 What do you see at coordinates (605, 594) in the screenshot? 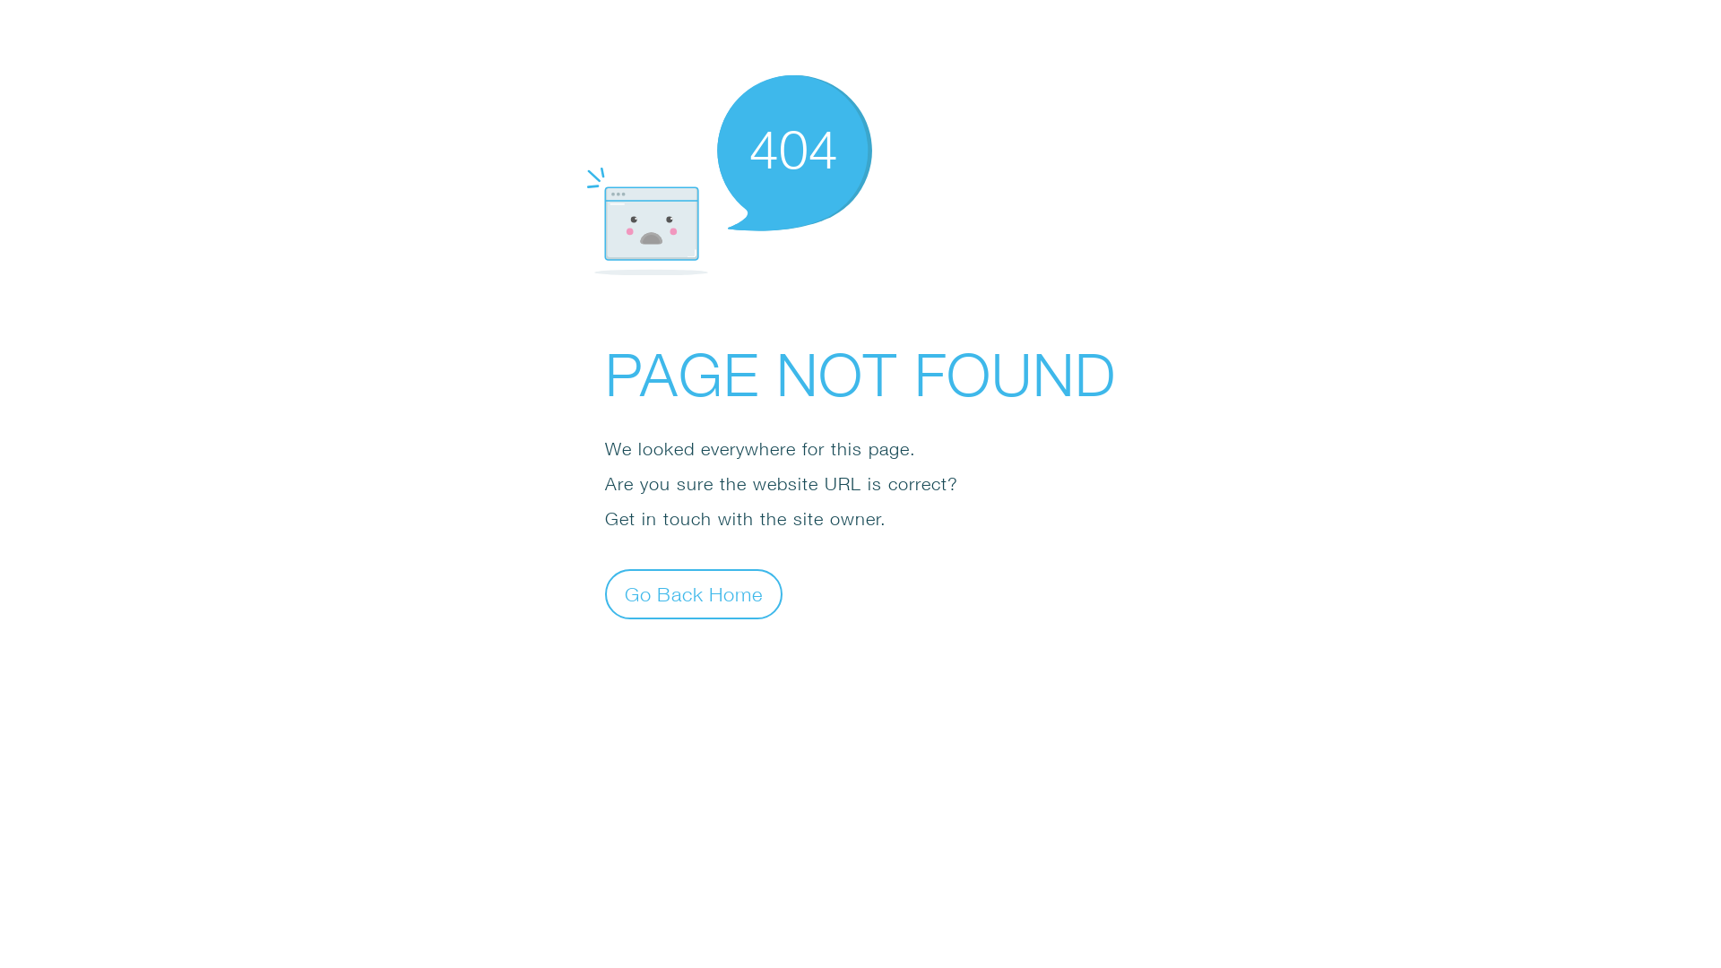
I see `'Go Back Home'` at bounding box center [605, 594].